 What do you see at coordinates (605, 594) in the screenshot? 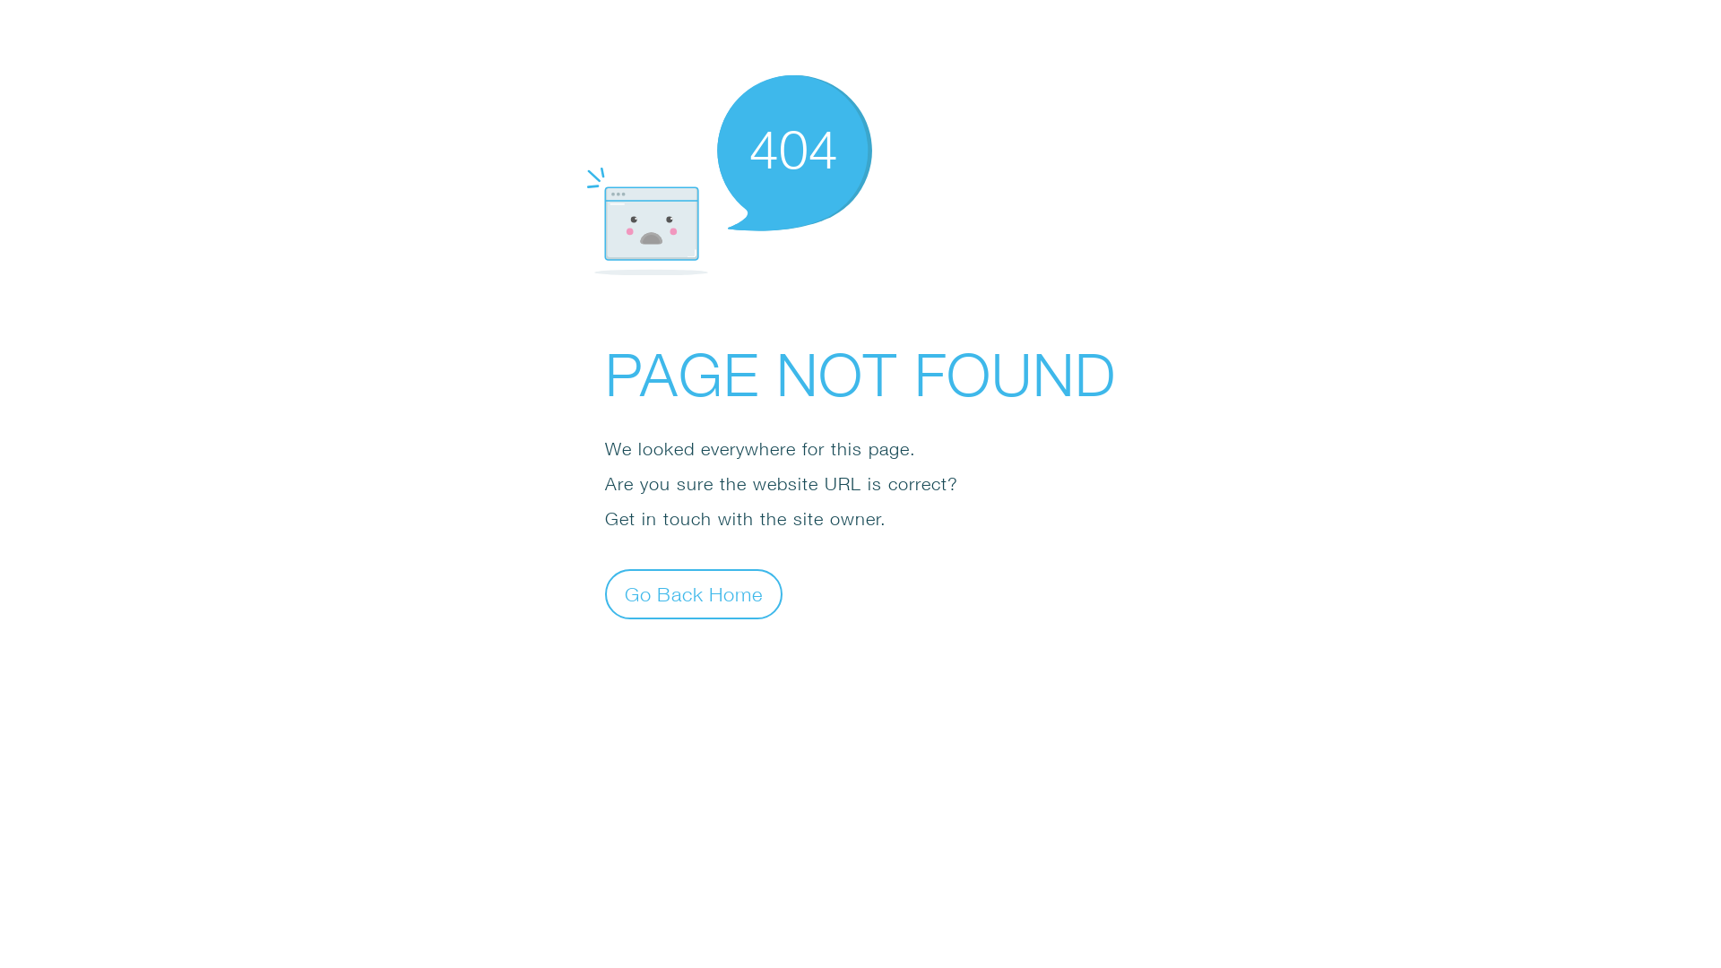
I see `'Go Back Home'` at bounding box center [605, 594].